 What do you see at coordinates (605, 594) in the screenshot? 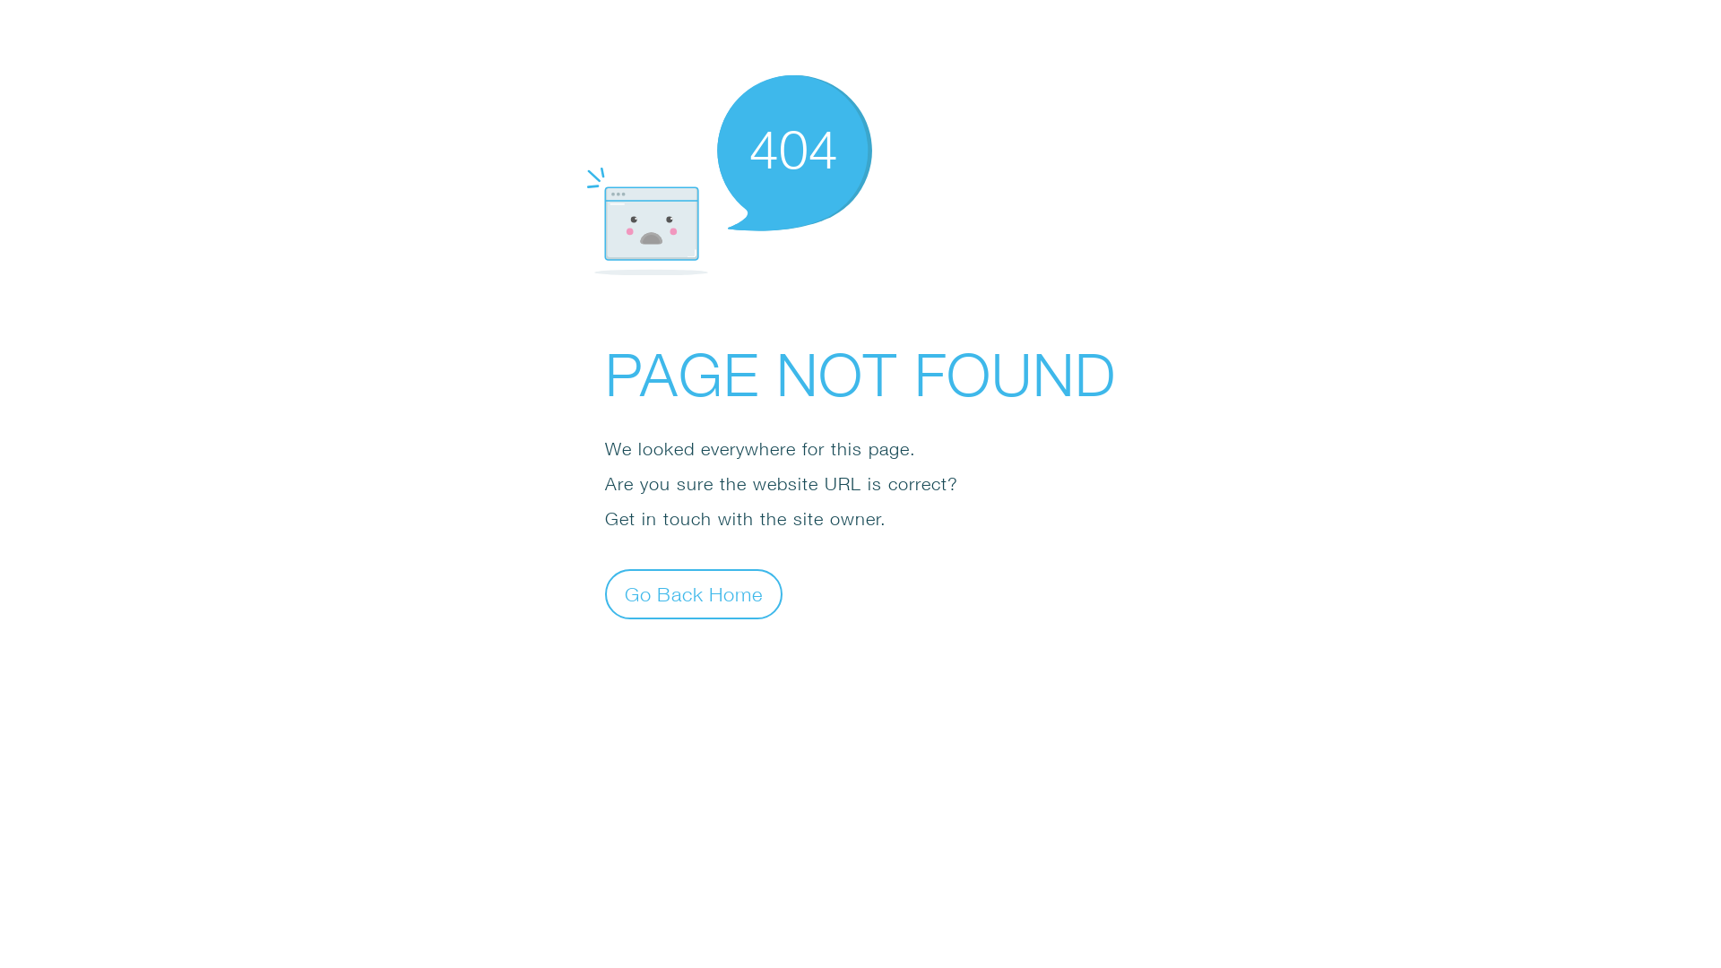
I see `'Go Back Home'` at bounding box center [605, 594].